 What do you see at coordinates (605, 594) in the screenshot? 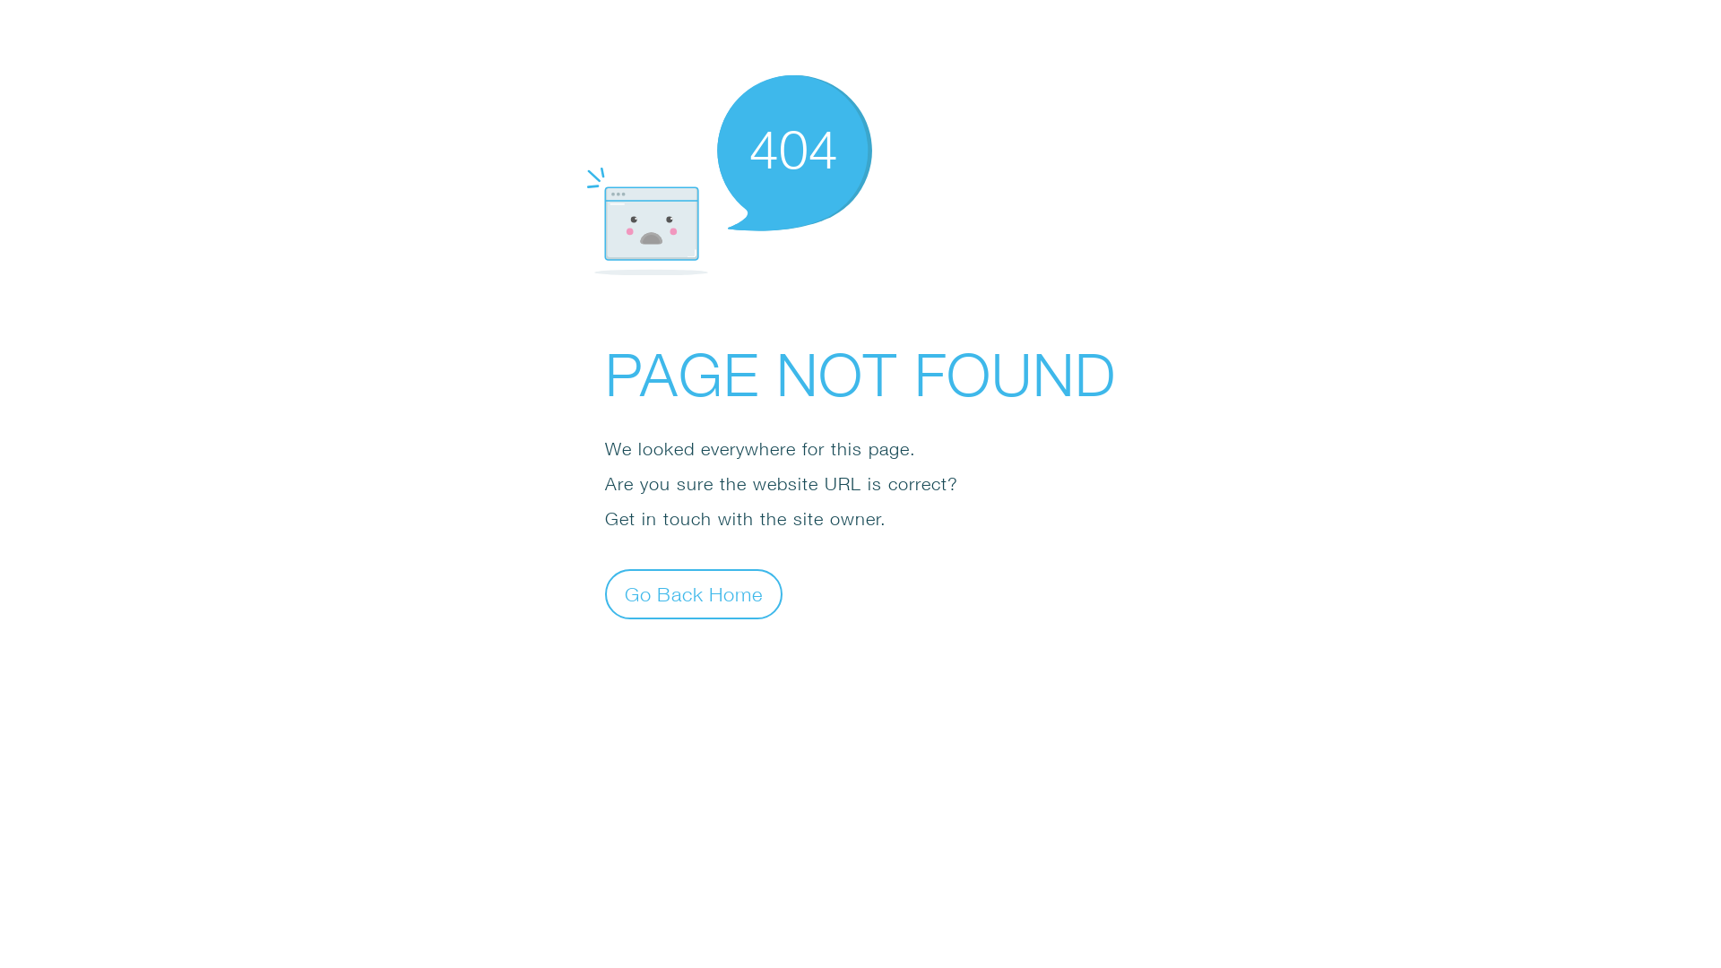
I see `'Go Back Home'` at bounding box center [605, 594].